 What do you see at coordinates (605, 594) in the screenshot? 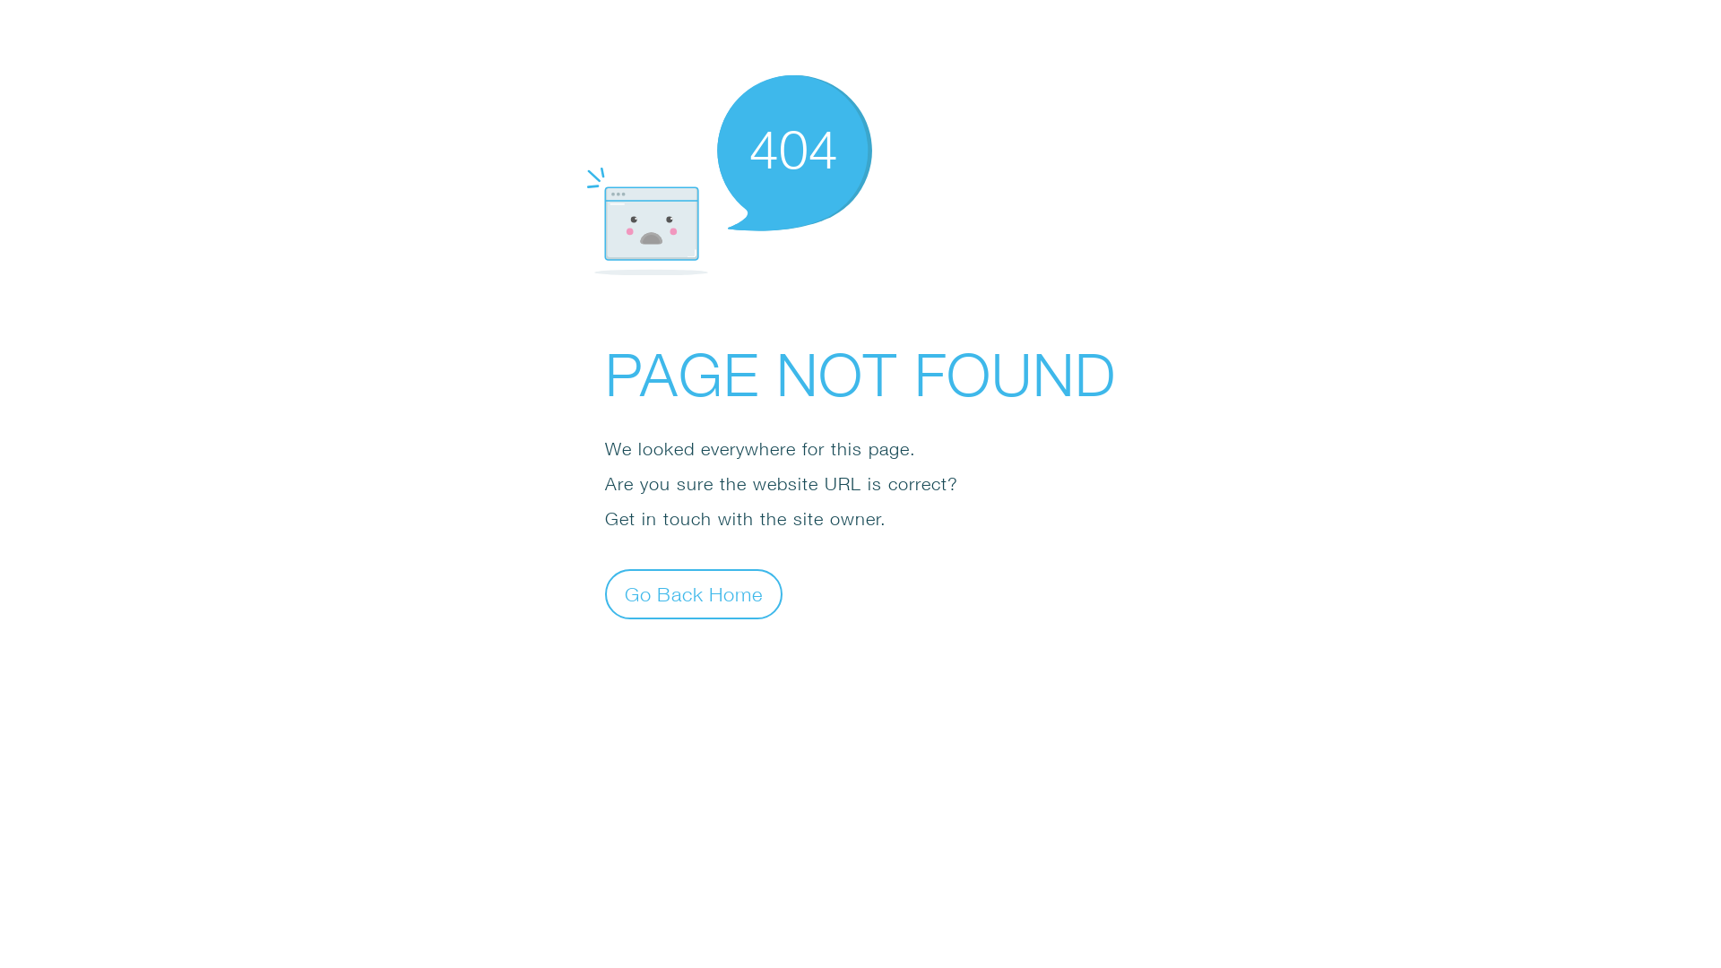
I see `'Go Back Home'` at bounding box center [605, 594].